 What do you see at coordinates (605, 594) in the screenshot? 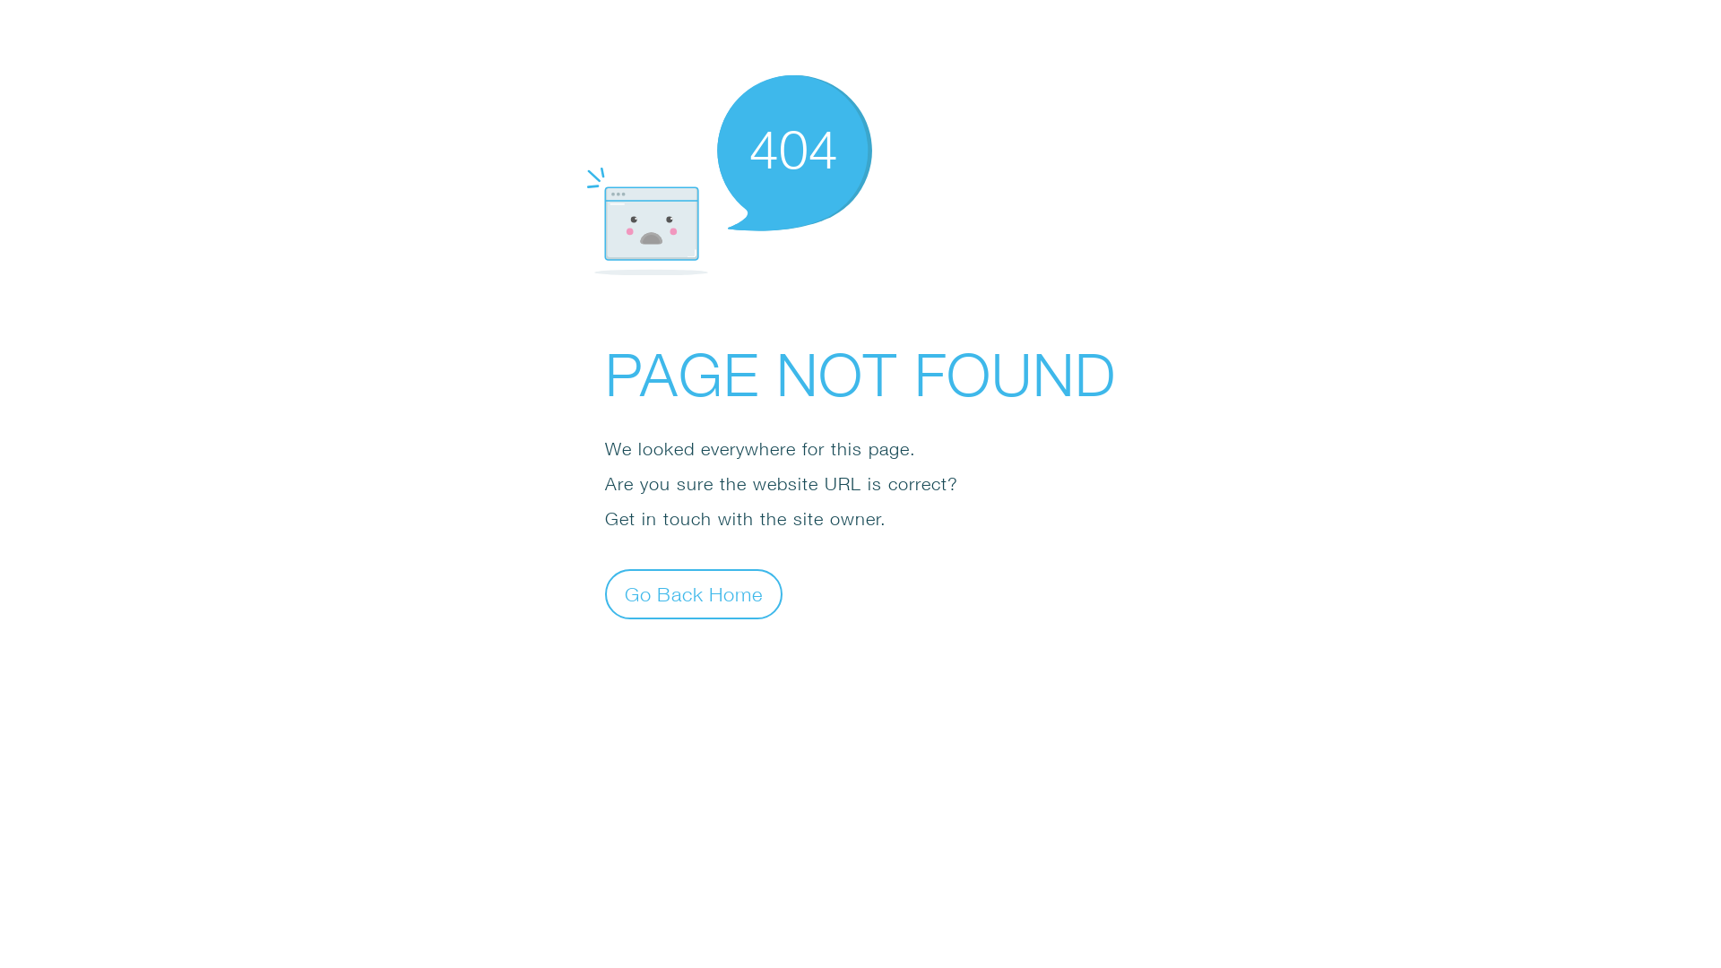
I see `'Go Back Home'` at bounding box center [605, 594].